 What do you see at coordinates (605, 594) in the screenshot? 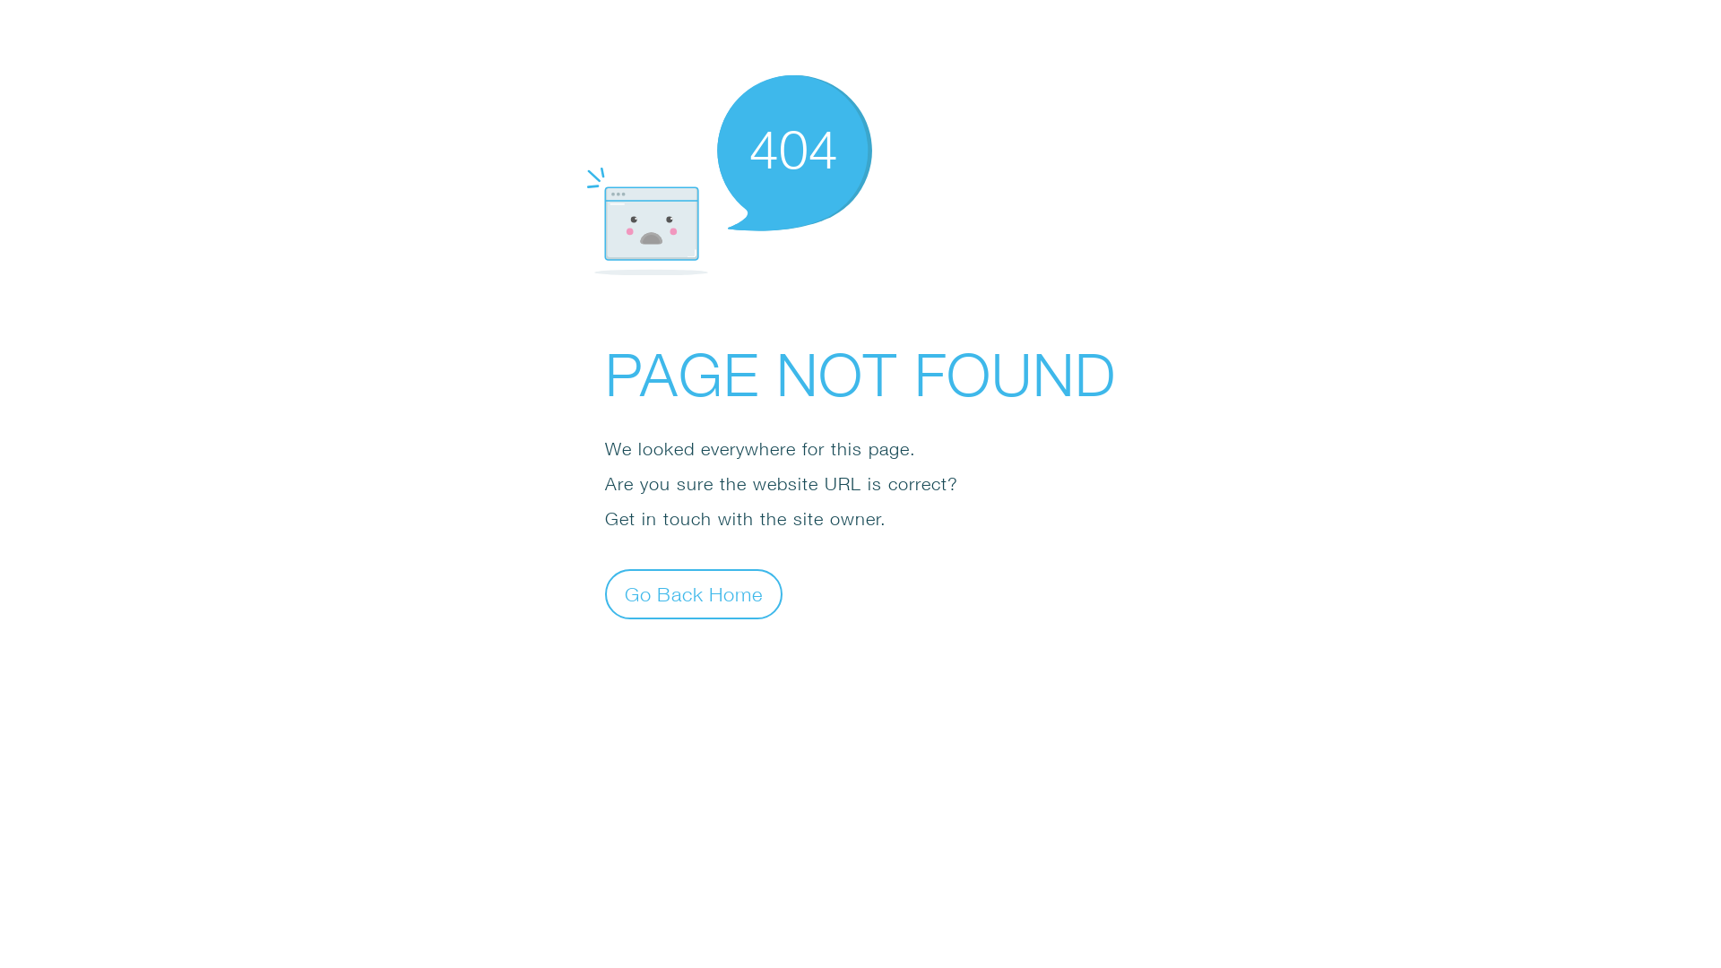
I see `'Go Back Home'` at bounding box center [605, 594].